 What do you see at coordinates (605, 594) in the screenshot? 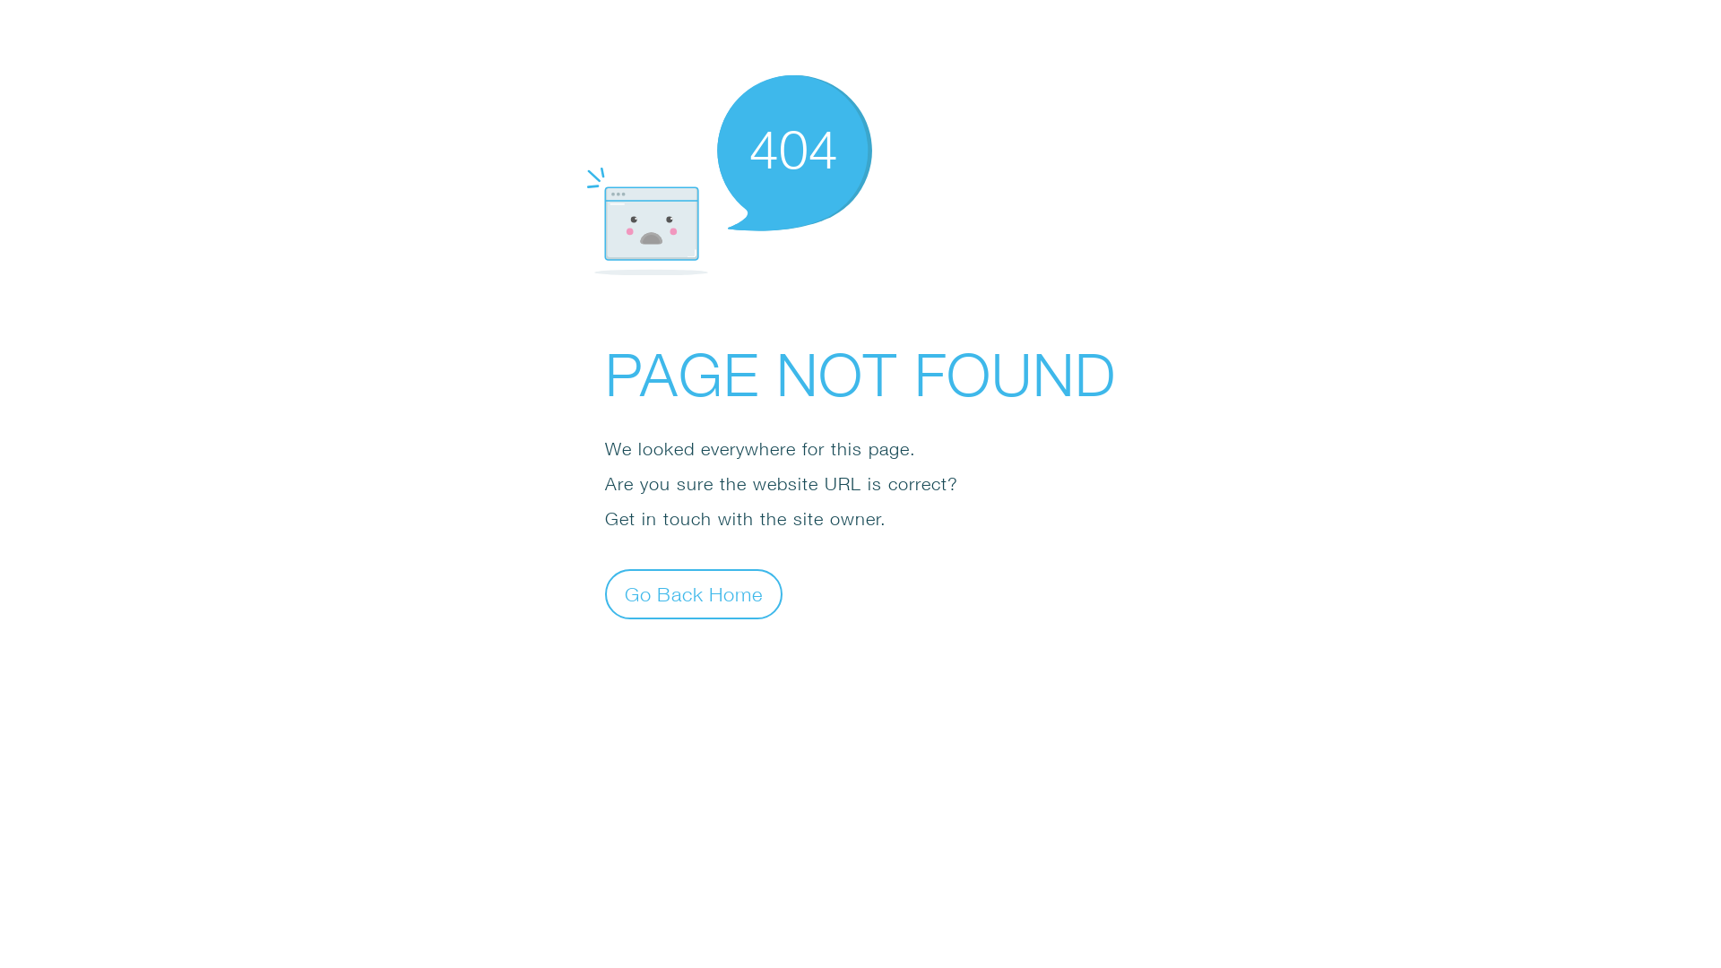
I see `'Go Back Home'` at bounding box center [605, 594].